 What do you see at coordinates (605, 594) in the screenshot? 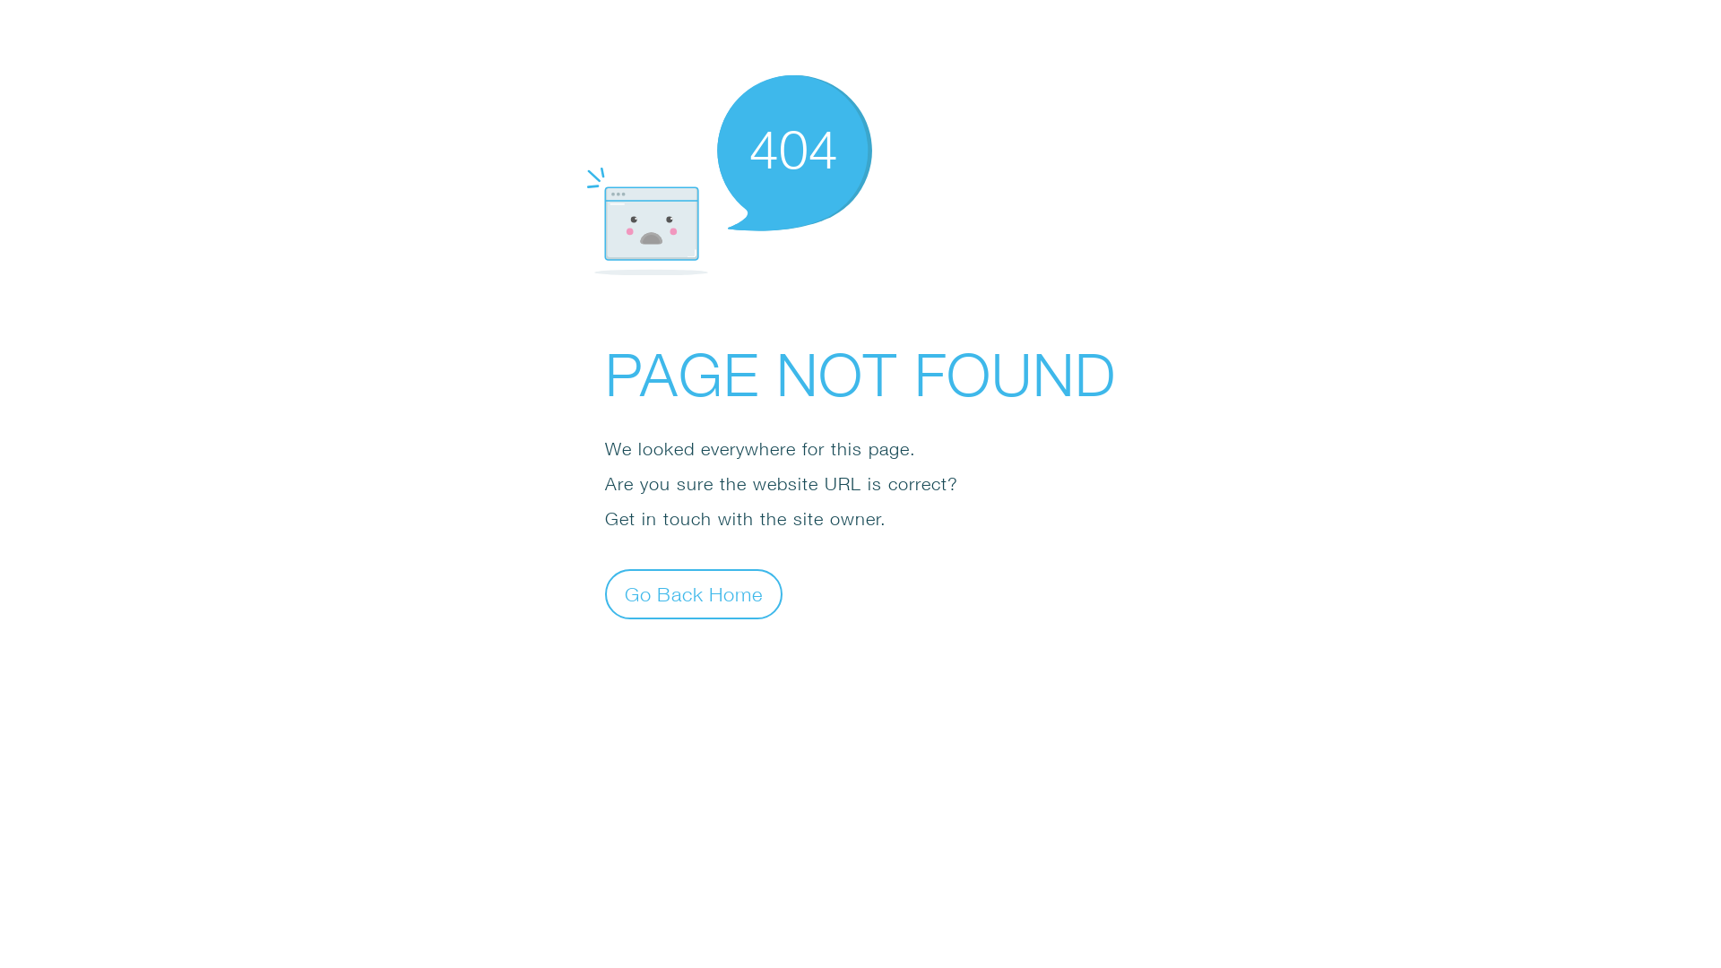
I see `'Go Back Home'` at bounding box center [605, 594].